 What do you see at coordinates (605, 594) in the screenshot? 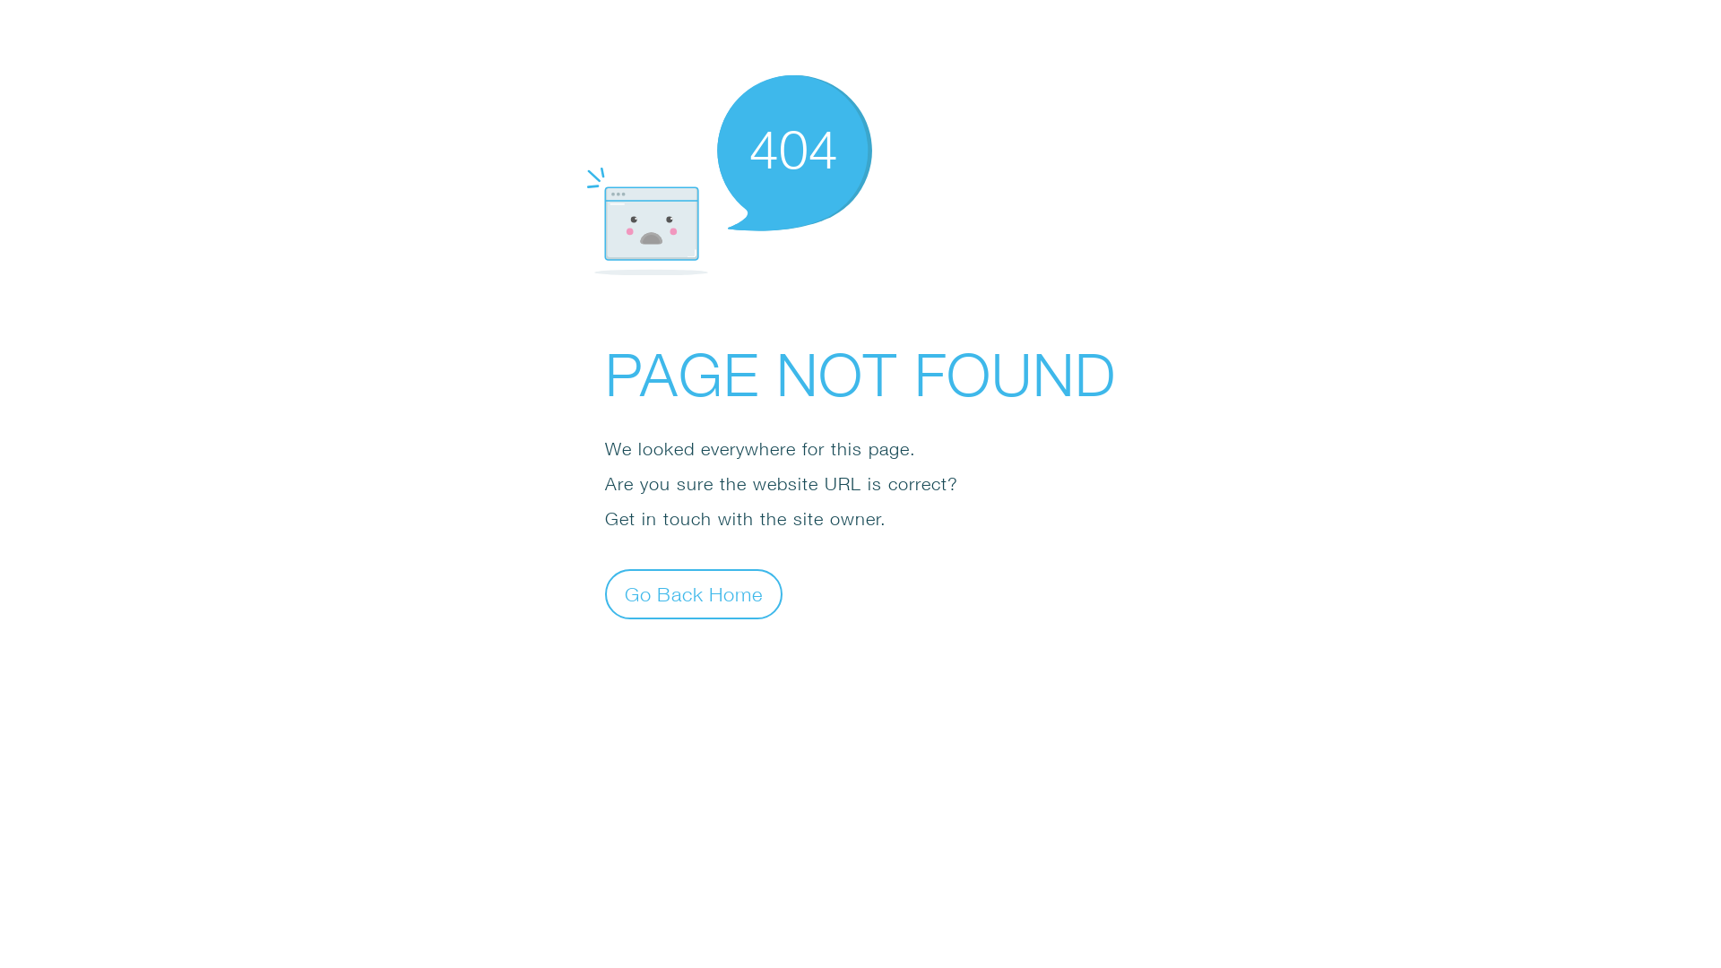
I see `'Go Back Home'` at bounding box center [605, 594].